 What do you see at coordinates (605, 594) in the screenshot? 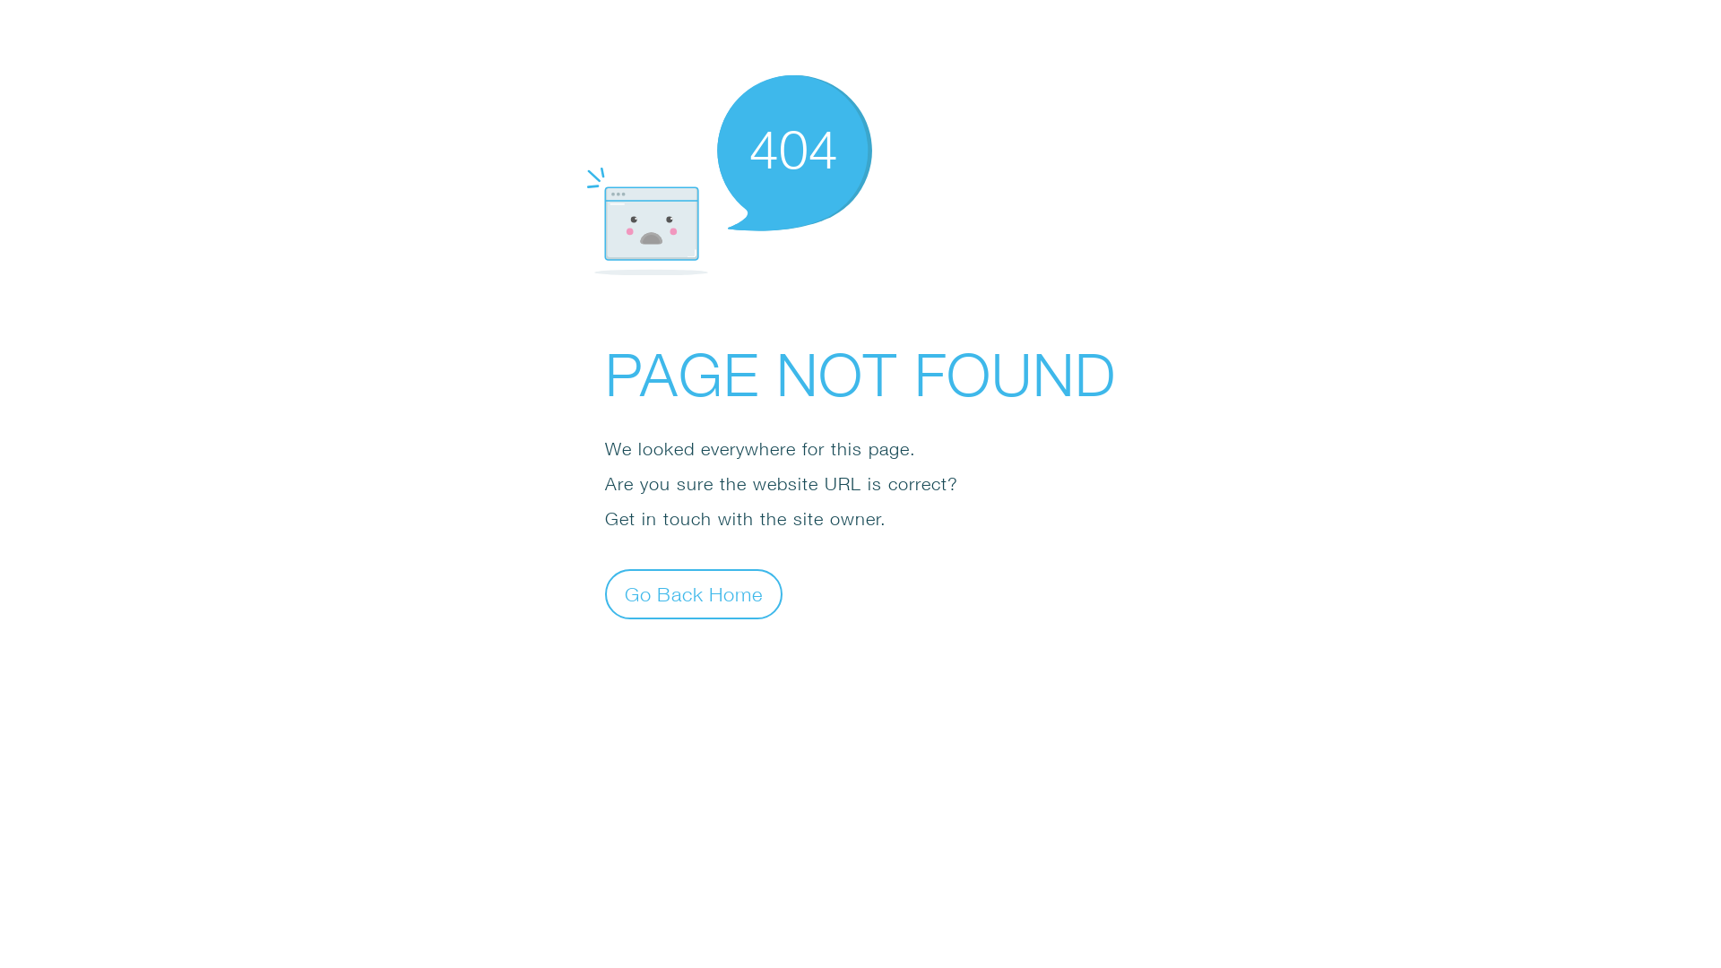
I see `'Go Back Home'` at bounding box center [605, 594].